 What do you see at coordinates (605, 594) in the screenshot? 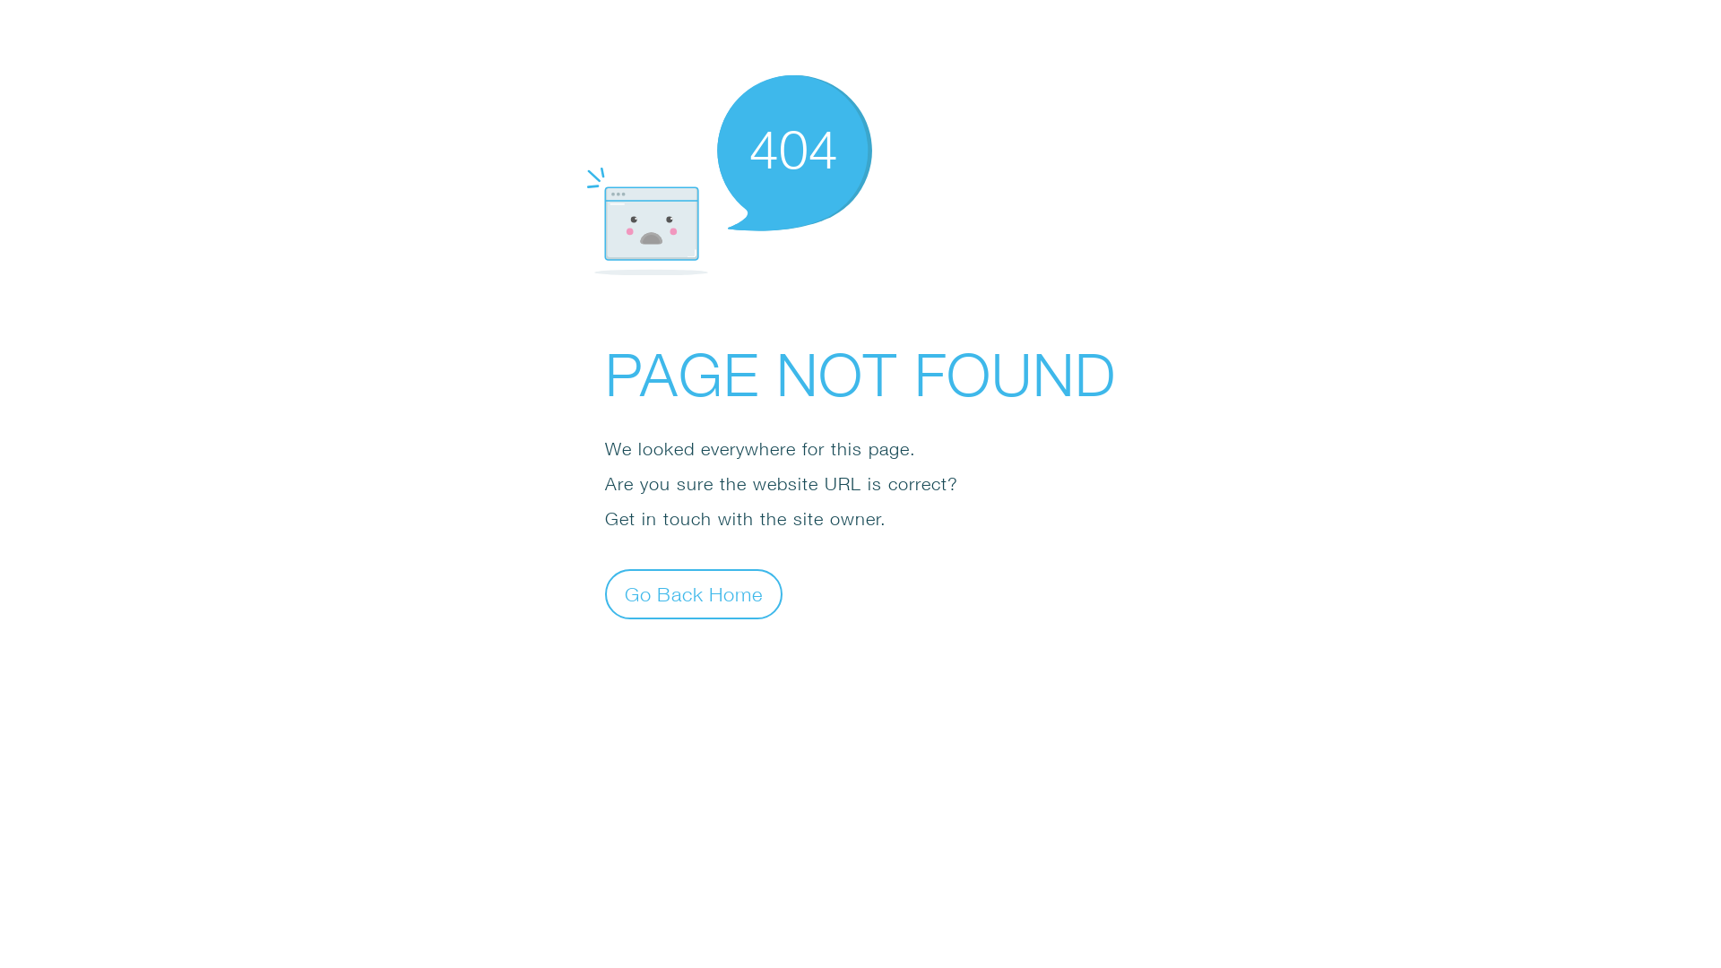
I see `'Go Back Home'` at bounding box center [605, 594].